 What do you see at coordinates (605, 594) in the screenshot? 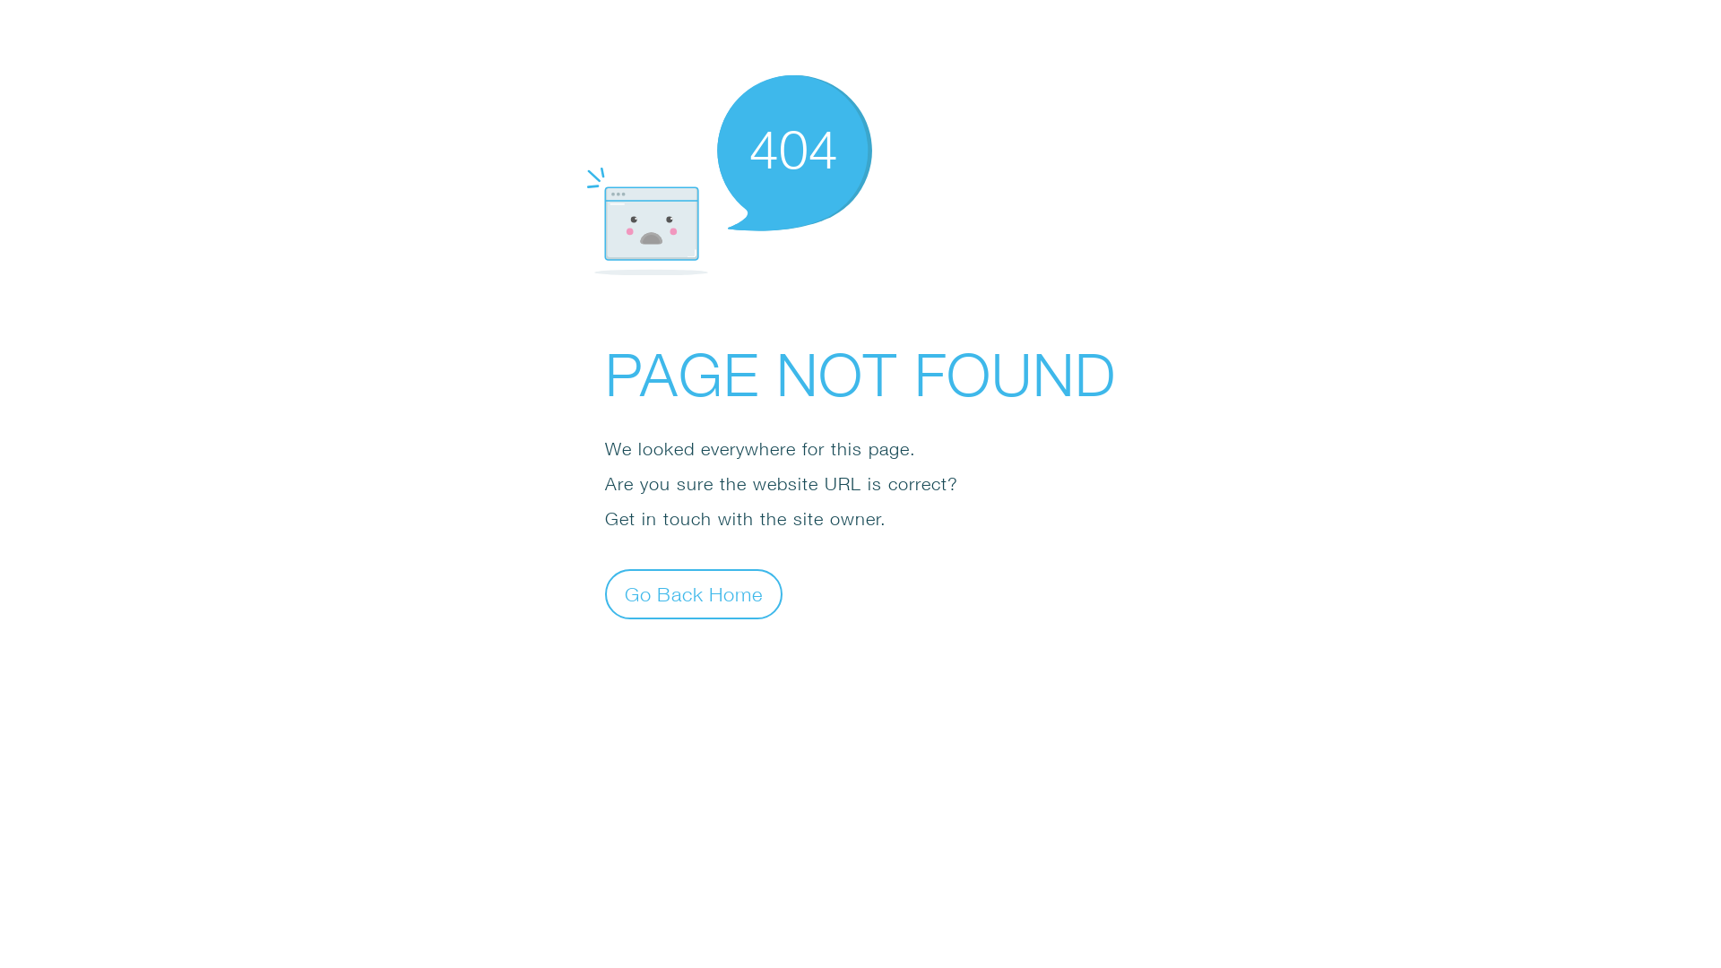
I see `'Go Back Home'` at bounding box center [605, 594].